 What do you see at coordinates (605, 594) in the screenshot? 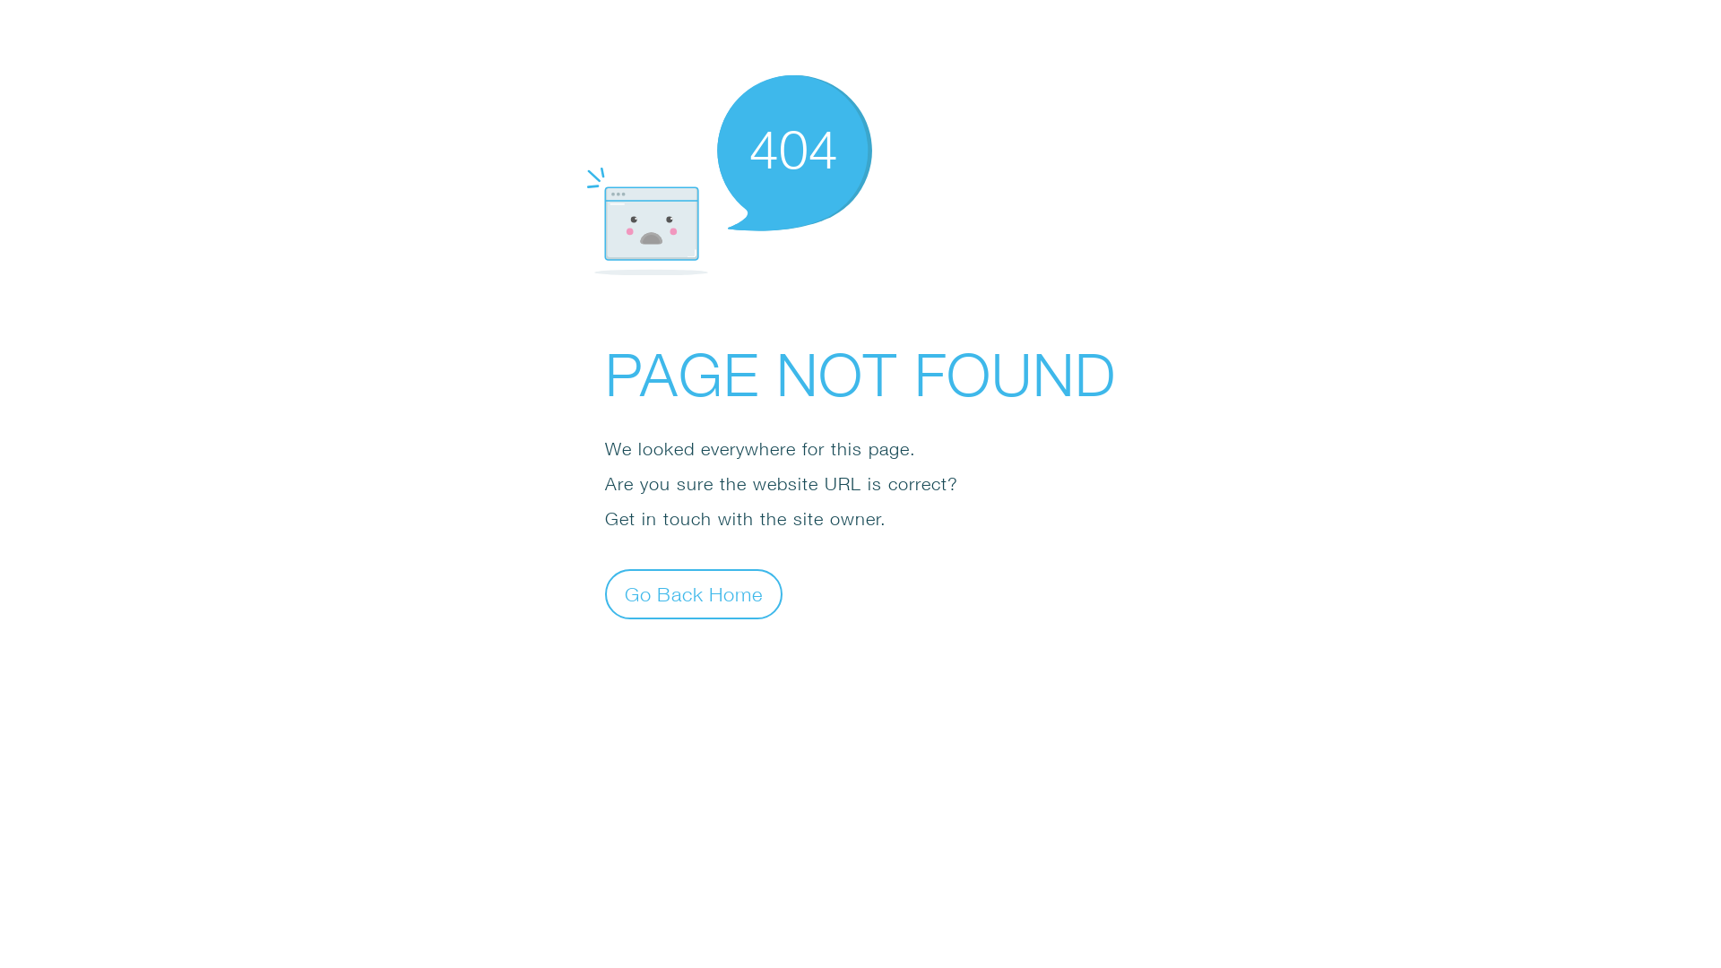
I see `'Go Back Home'` at bounding box center [605, 594].